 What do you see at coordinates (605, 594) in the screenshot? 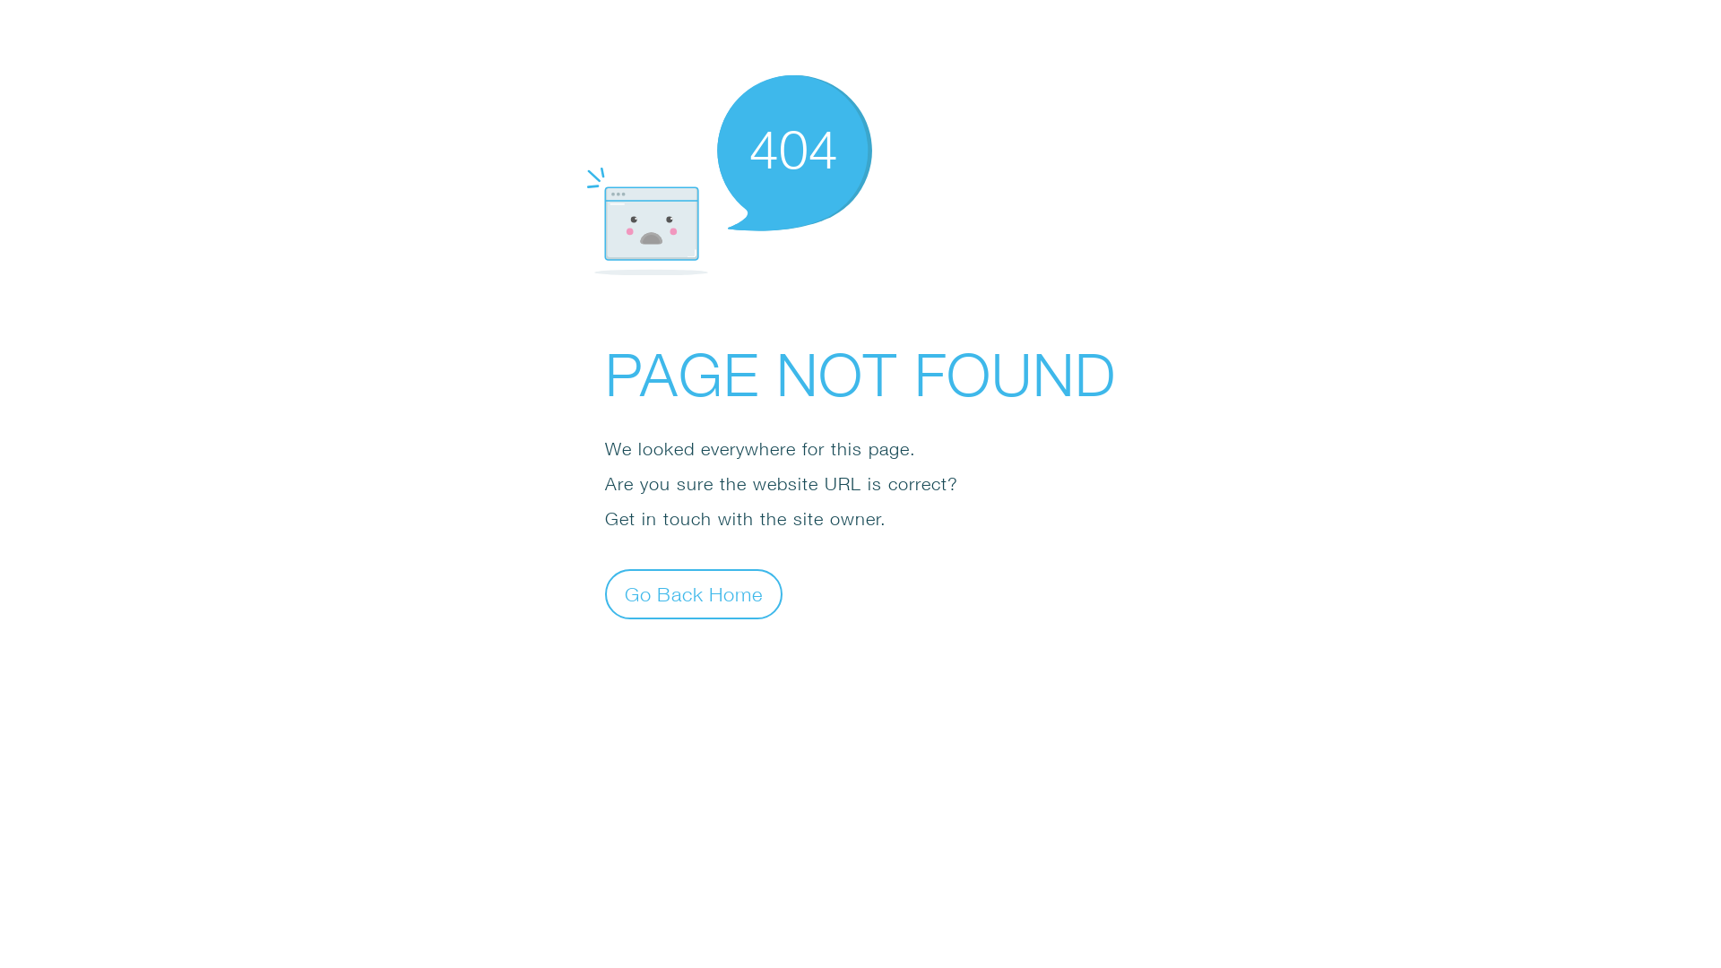
I see `'Go Back Home'` at bounding box center [605, 594].